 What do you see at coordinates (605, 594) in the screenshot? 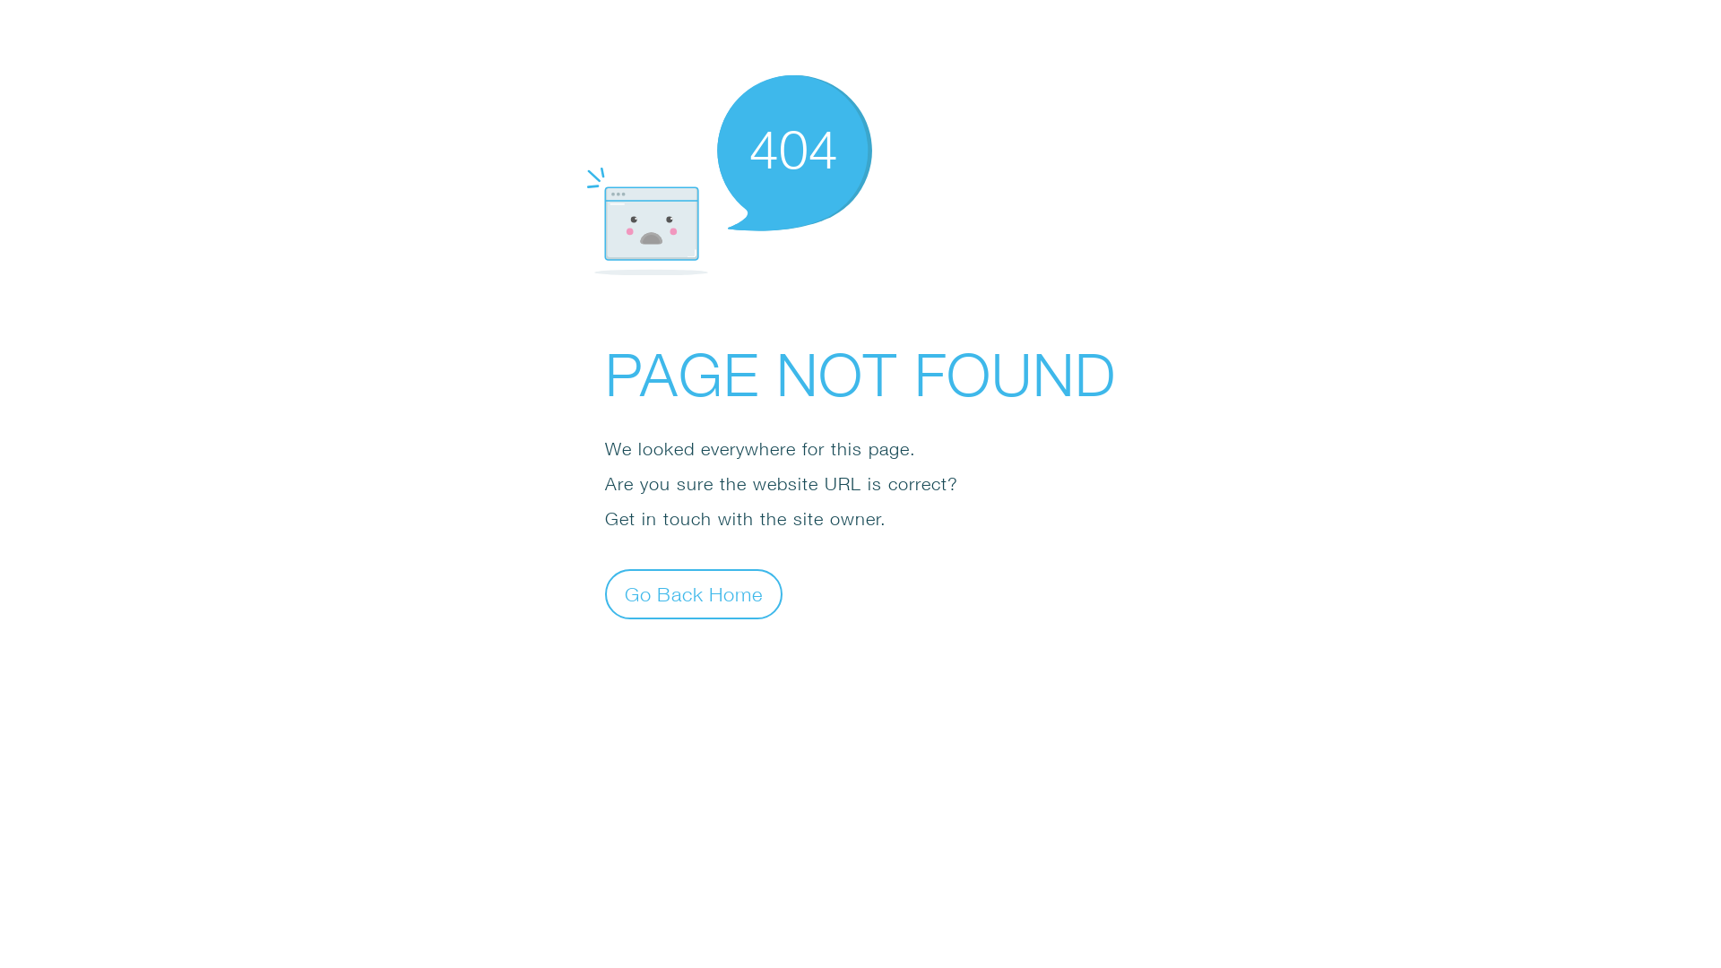
I see `'Go Back Home'` at bounding box center [605, 594].